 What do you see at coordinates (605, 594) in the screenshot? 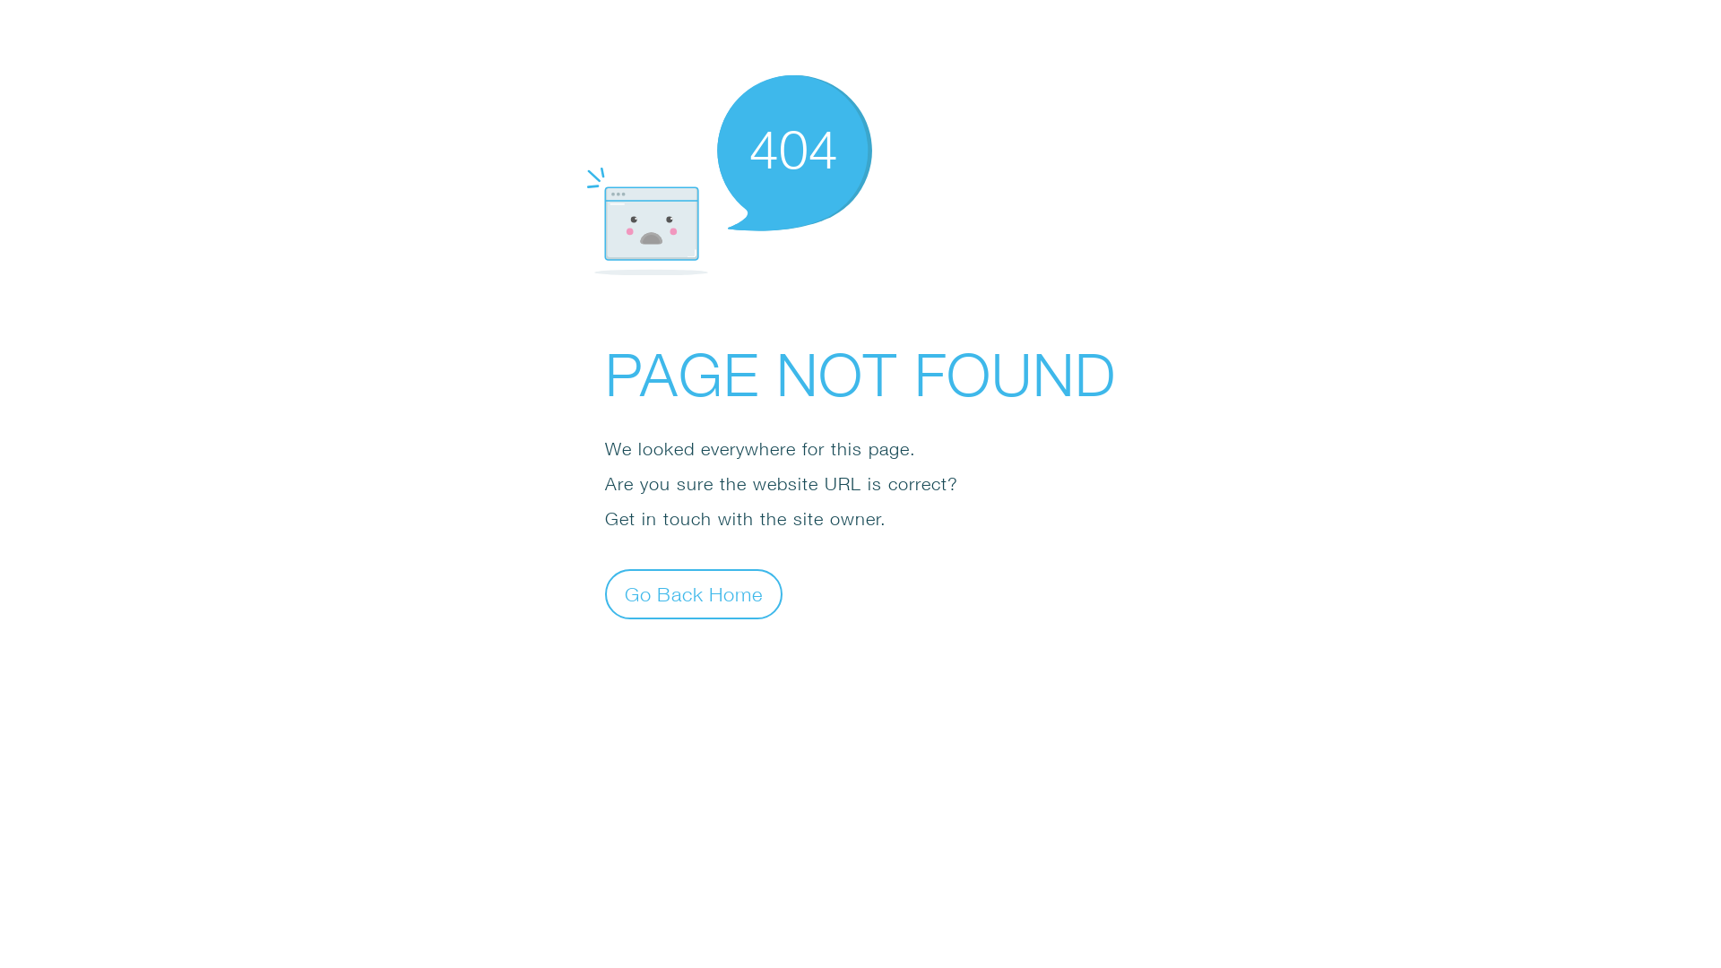
I see `'Go Back Home'` at bounding box center [605, 594].